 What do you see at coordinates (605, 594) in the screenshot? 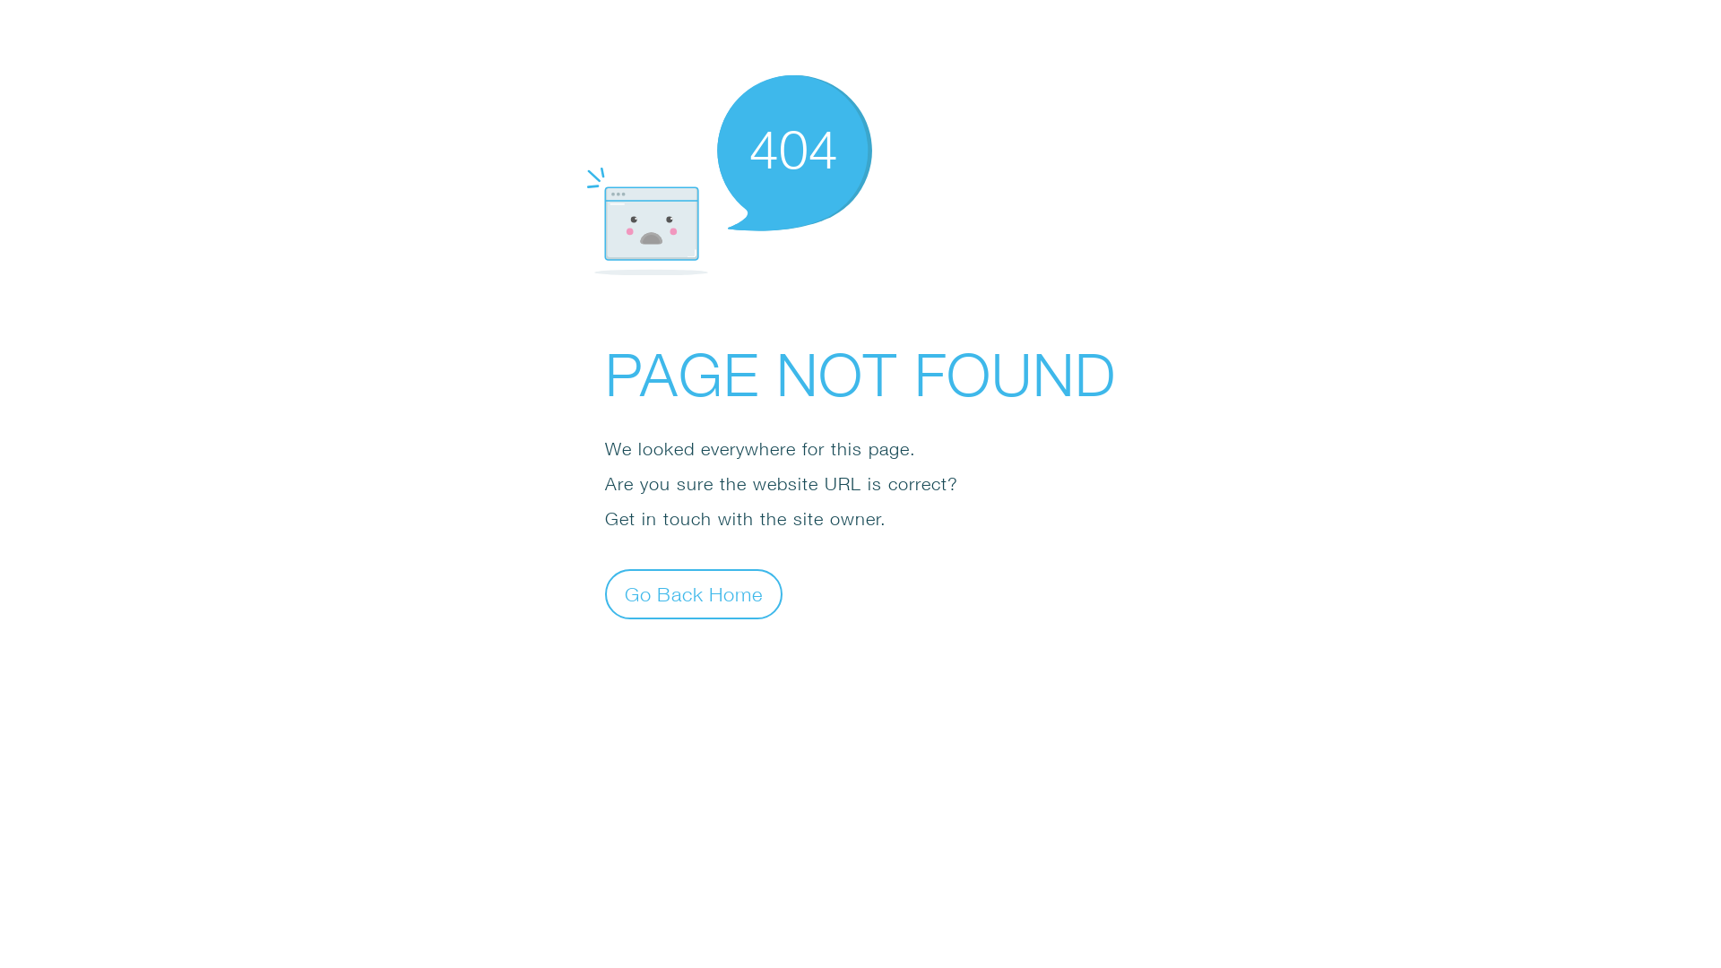
I see `'Go Back Home'` at bounding box center [605, 594].